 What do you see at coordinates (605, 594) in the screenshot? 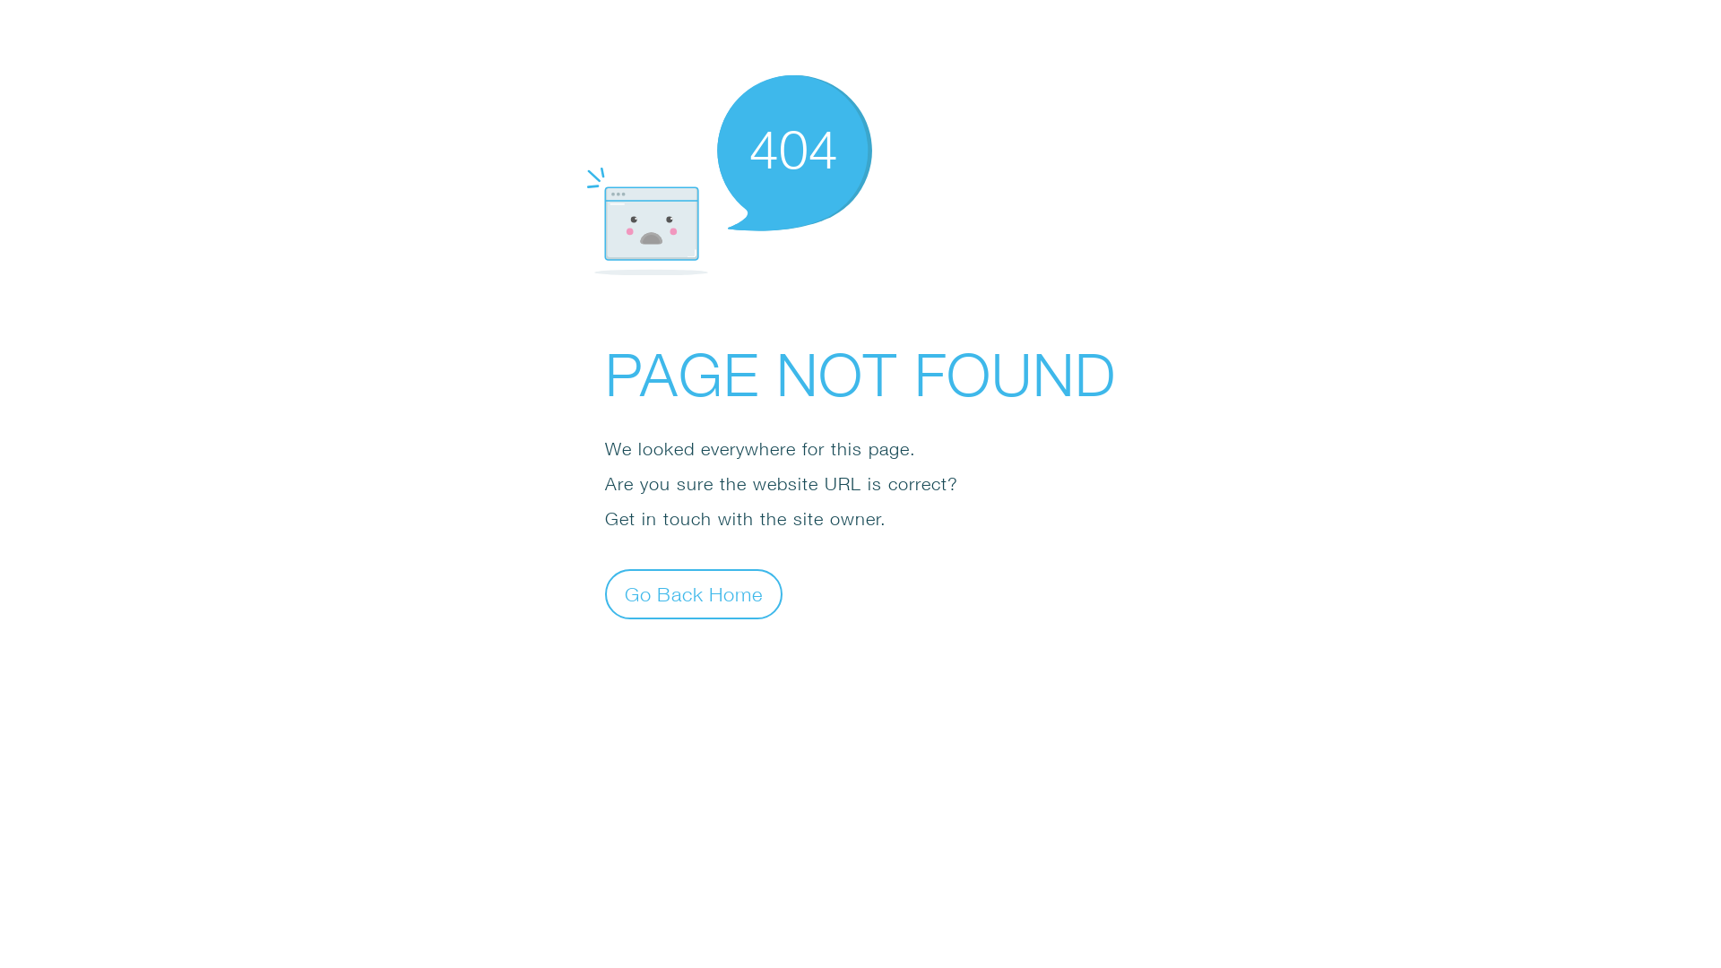
I see `'Go Back Home'` at bounding box center [605, 594].